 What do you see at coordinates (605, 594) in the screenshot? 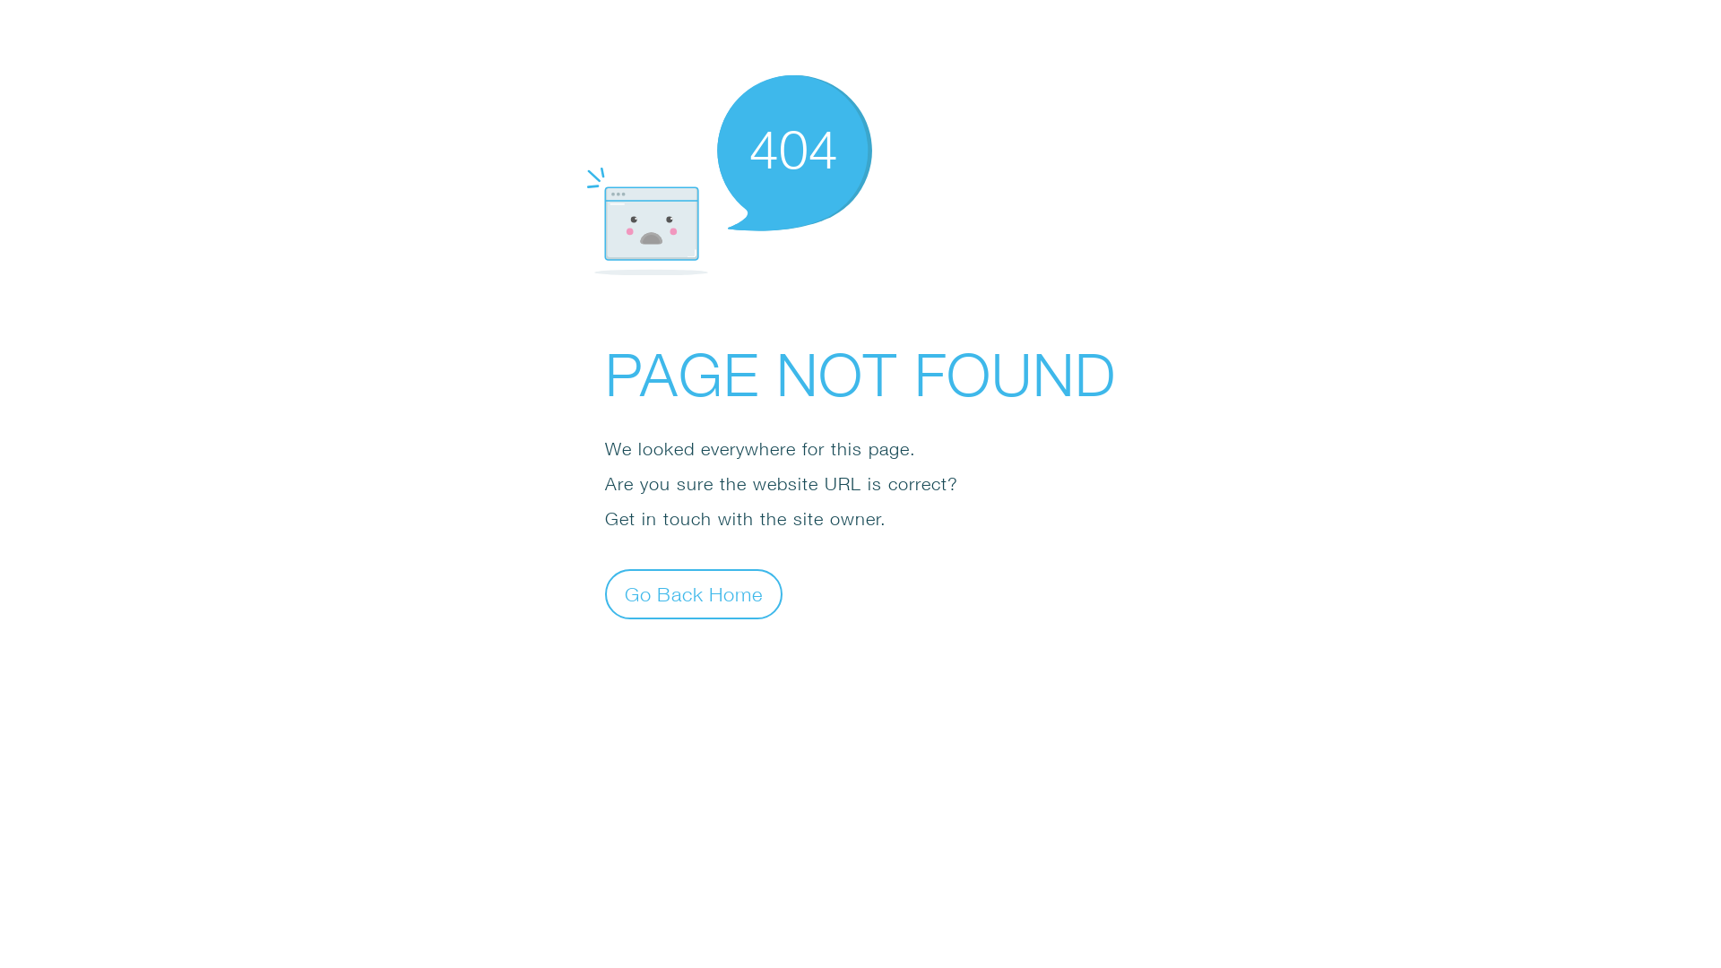
I see `'Go Back Home'` at bounding box center [605, 594].